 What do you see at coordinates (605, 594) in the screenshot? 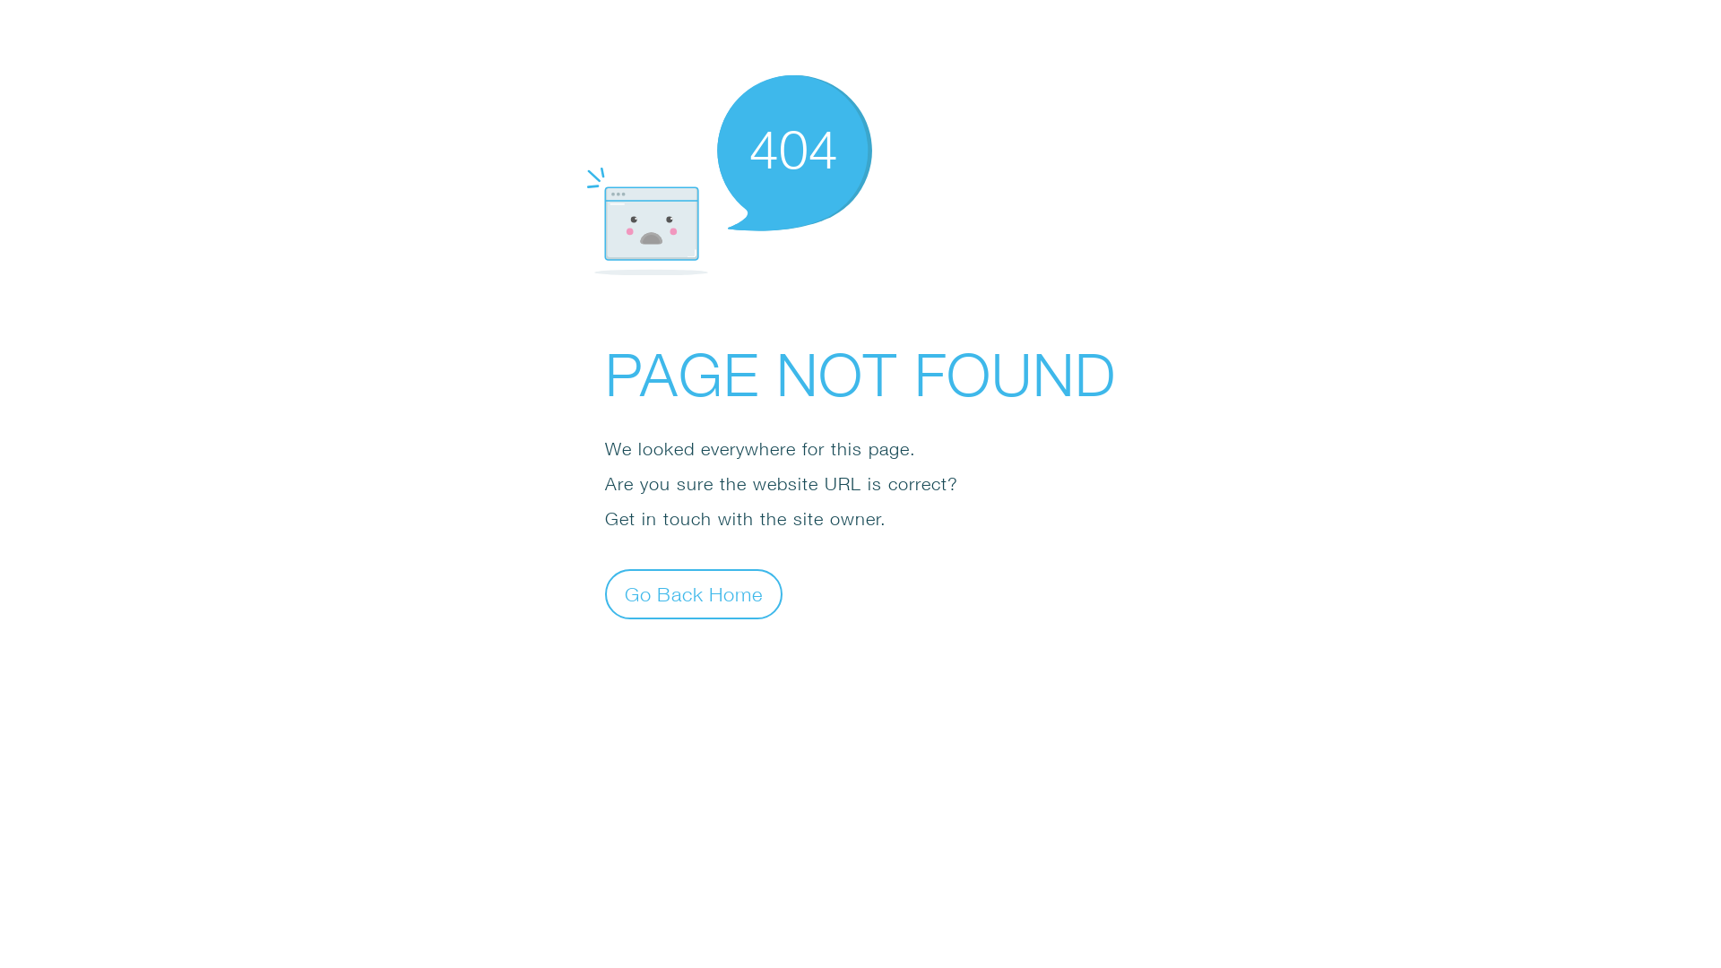
I see `'Go Back Home'` at bounding box center [605, 594].